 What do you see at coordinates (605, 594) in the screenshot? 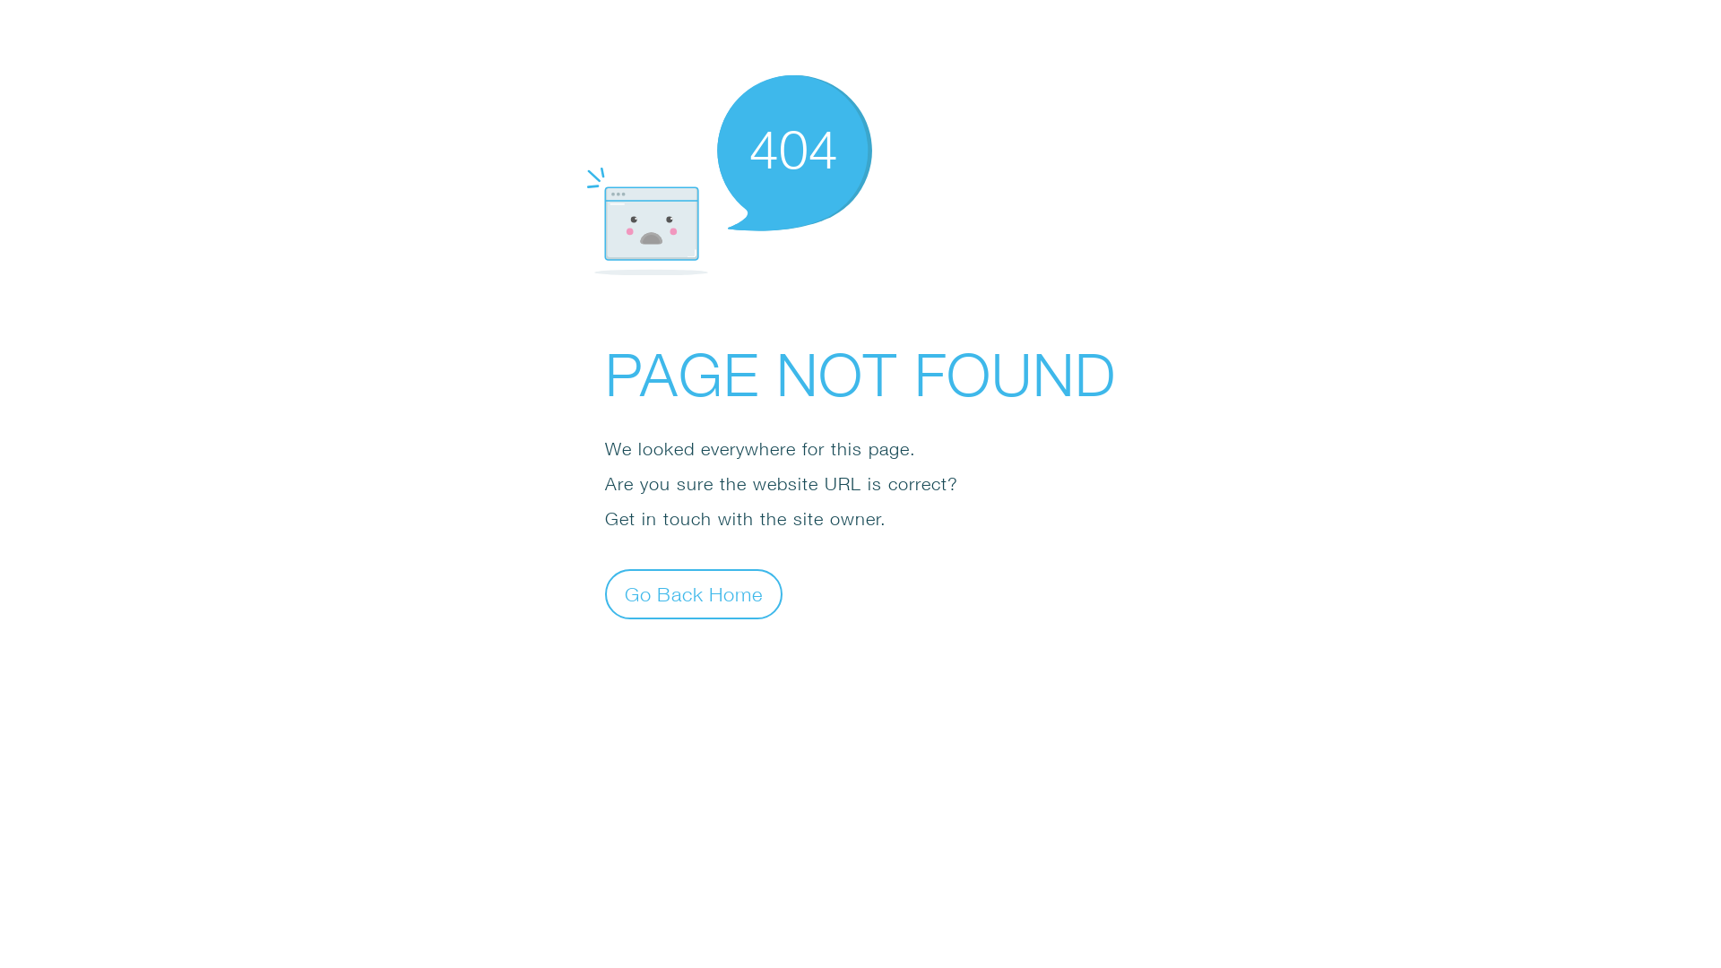
I see `'Go Back Home'` at bounding box center [605, 594].